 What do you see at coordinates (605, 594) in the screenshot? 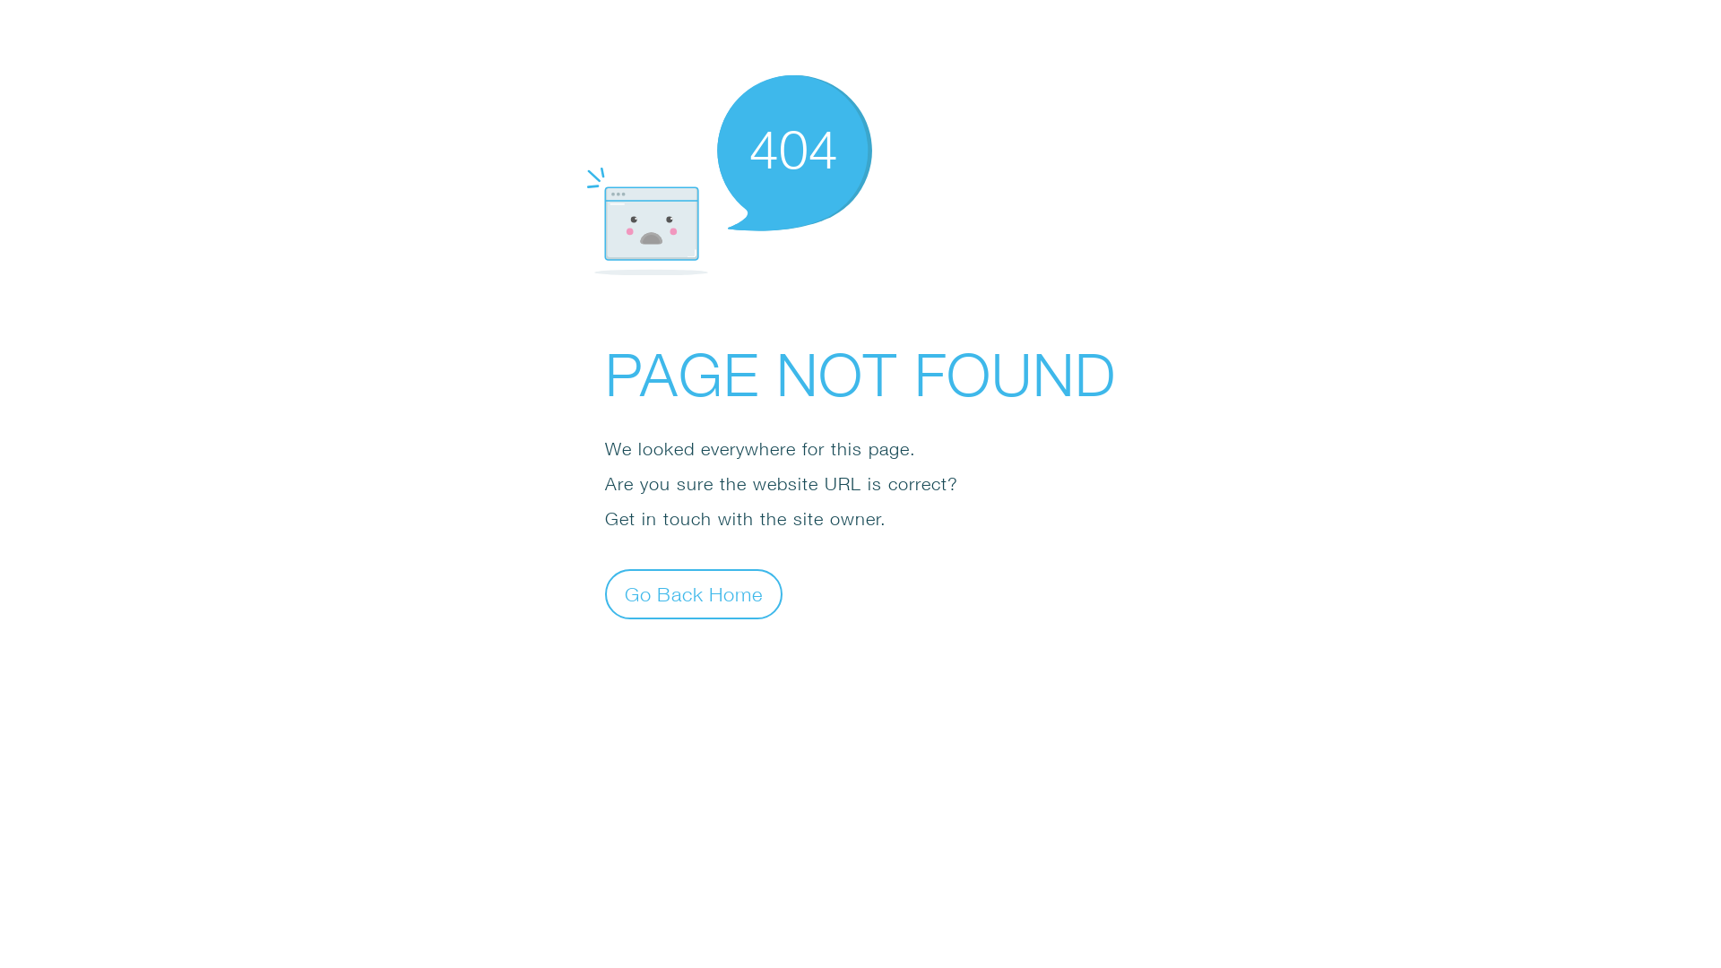
I see `'Go Back Home'` at bounding box center [605, 594].